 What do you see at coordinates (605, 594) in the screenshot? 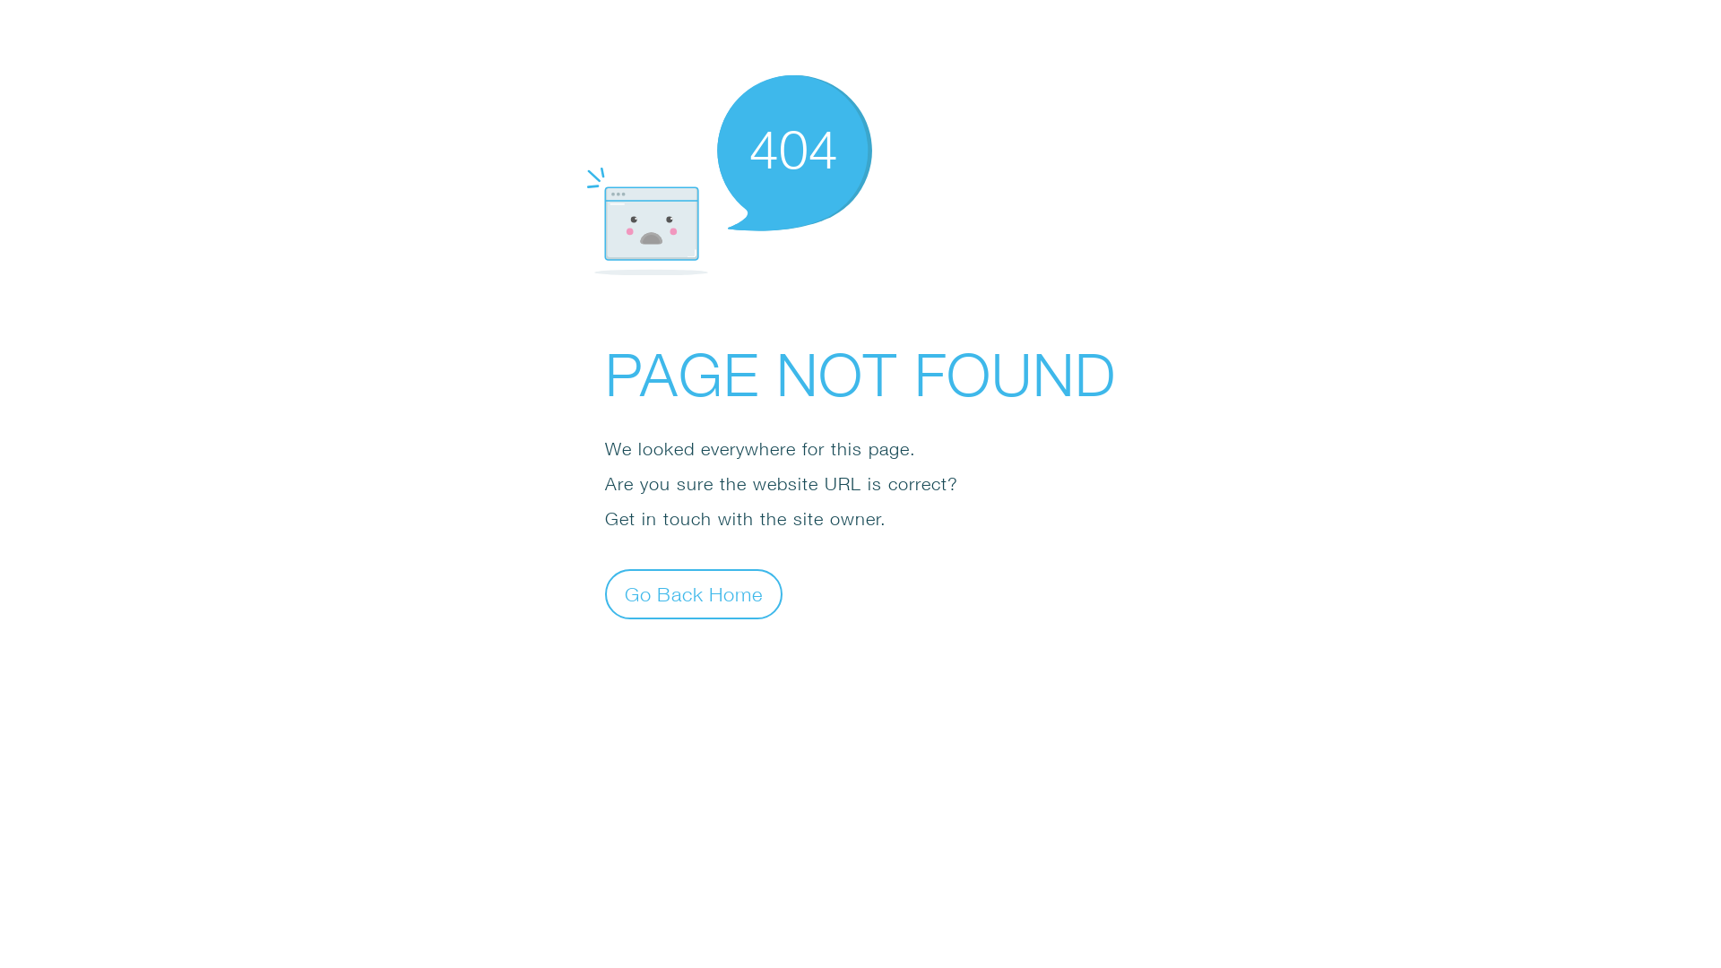
I see `'Go Back Home'` at bounding box center [605, 594].